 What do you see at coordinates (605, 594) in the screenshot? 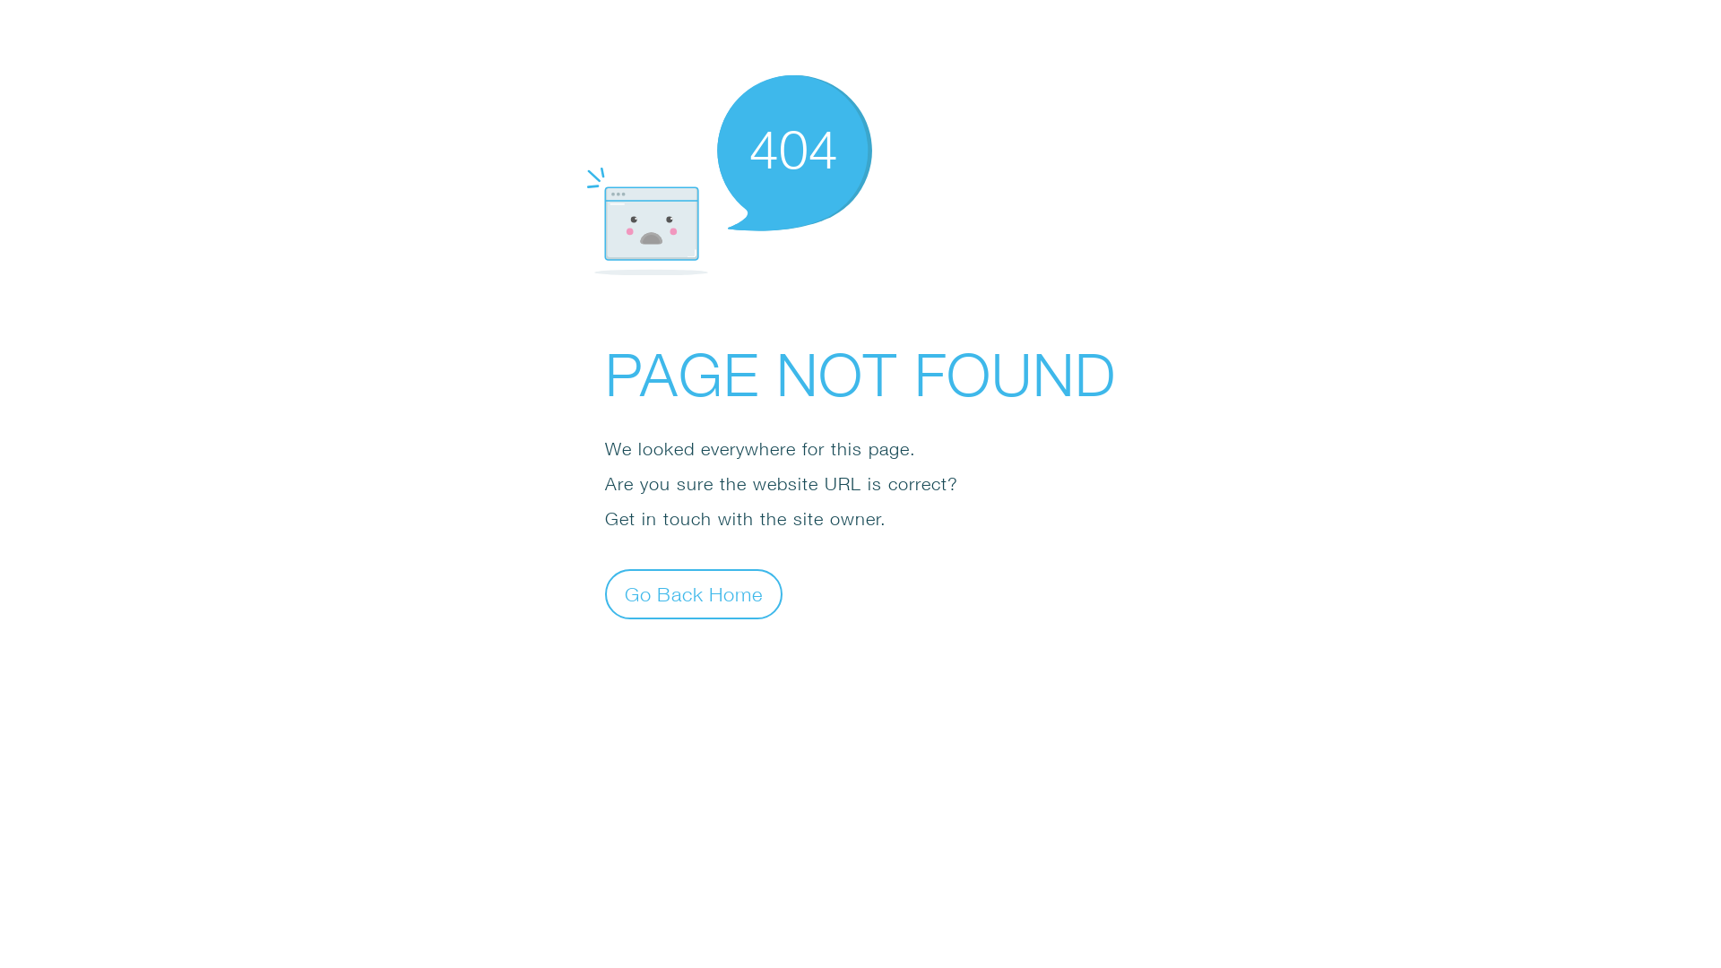
I see `'Go Back Home'` at bounding box center [605, 594].